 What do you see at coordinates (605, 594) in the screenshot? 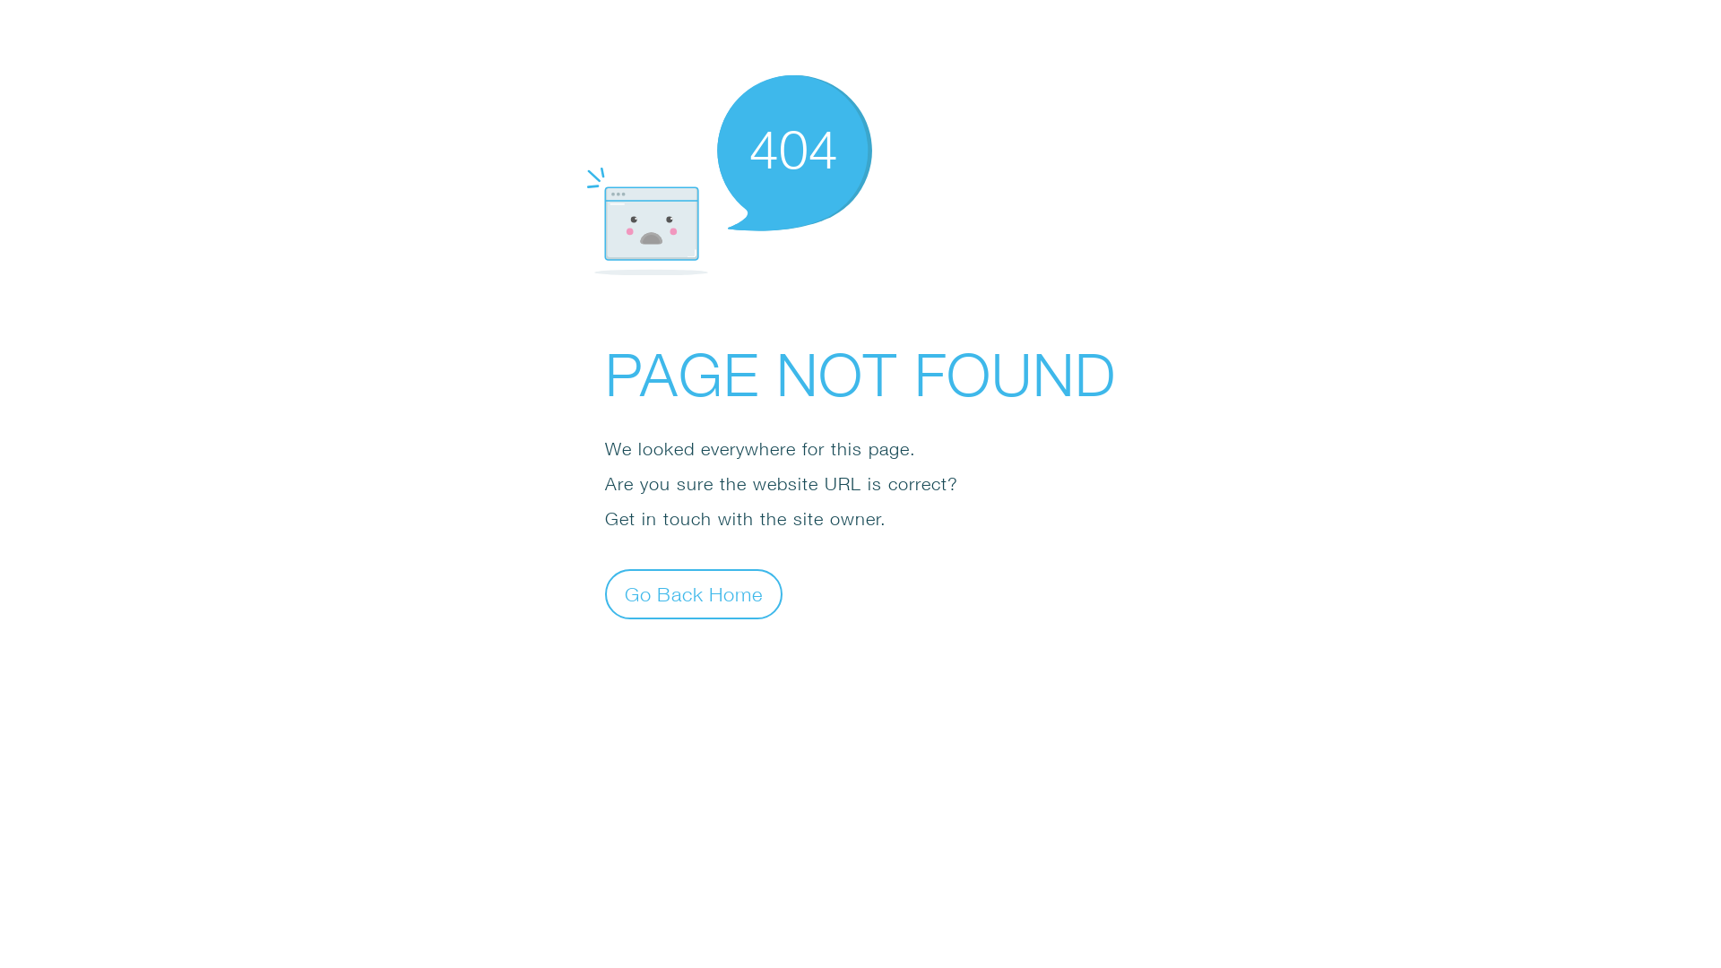
I see `'Go Back Home'` at bounding box center [605, 594].